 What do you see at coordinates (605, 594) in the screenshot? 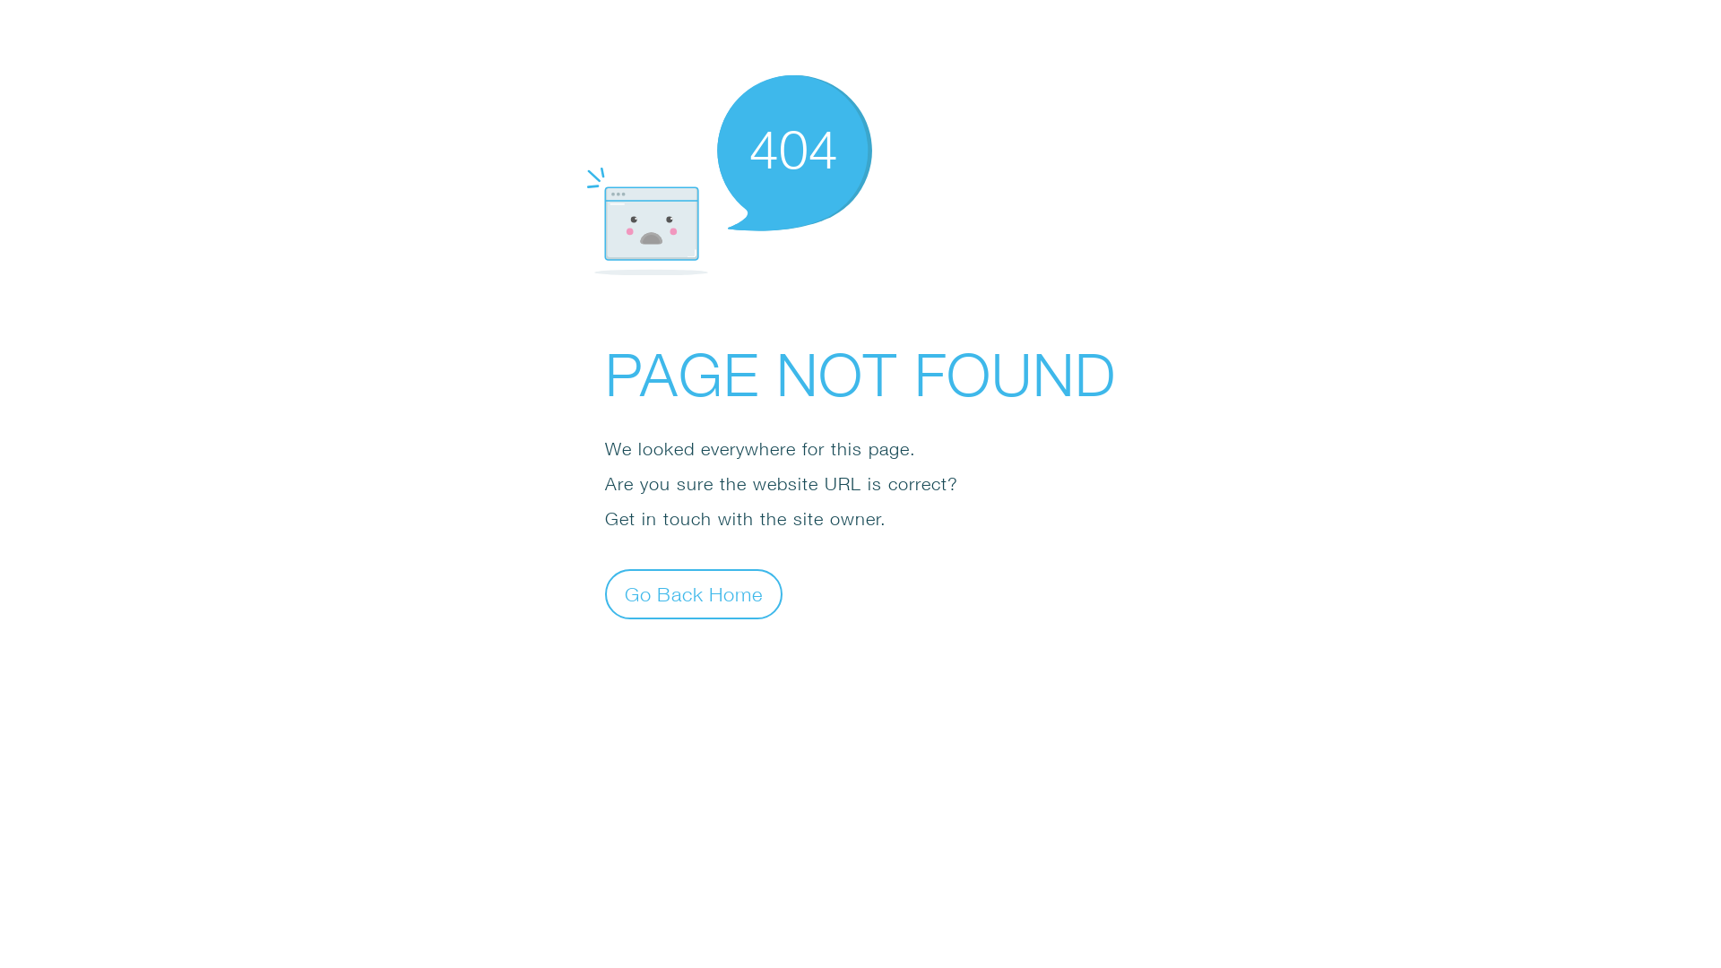
I see `'Go Back Home'` at bounding box center [605, 594].